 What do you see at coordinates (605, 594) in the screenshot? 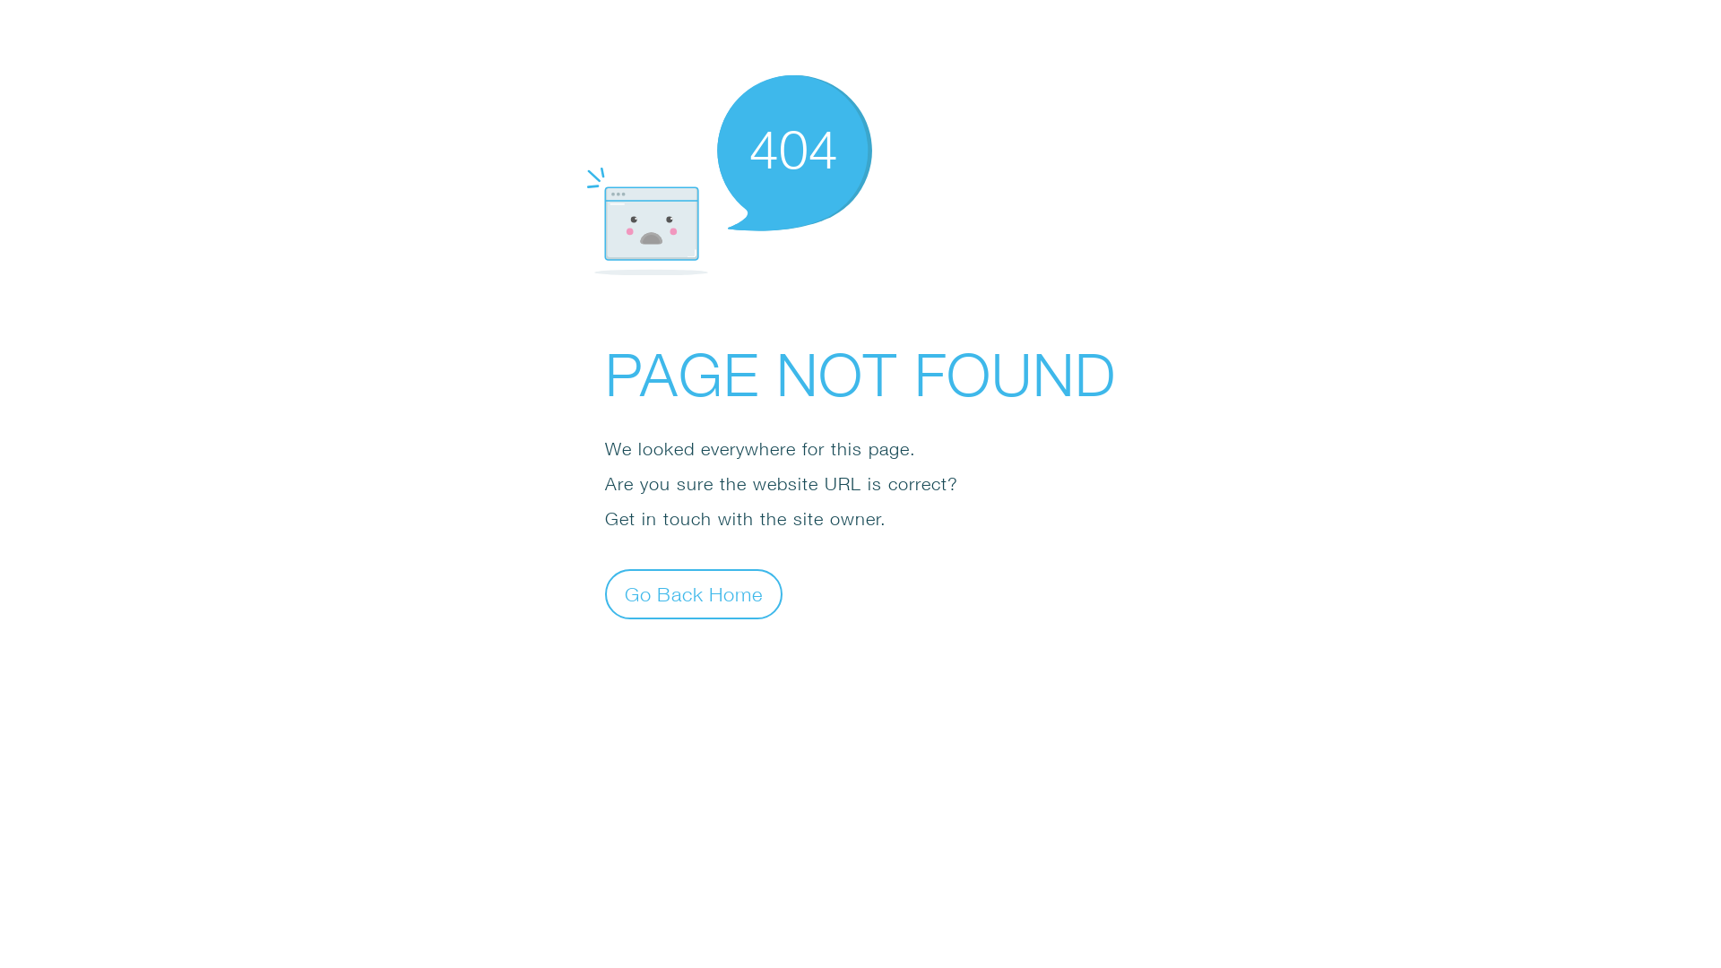
I see `'Go Back Home'` at bounding box center [605, 594].